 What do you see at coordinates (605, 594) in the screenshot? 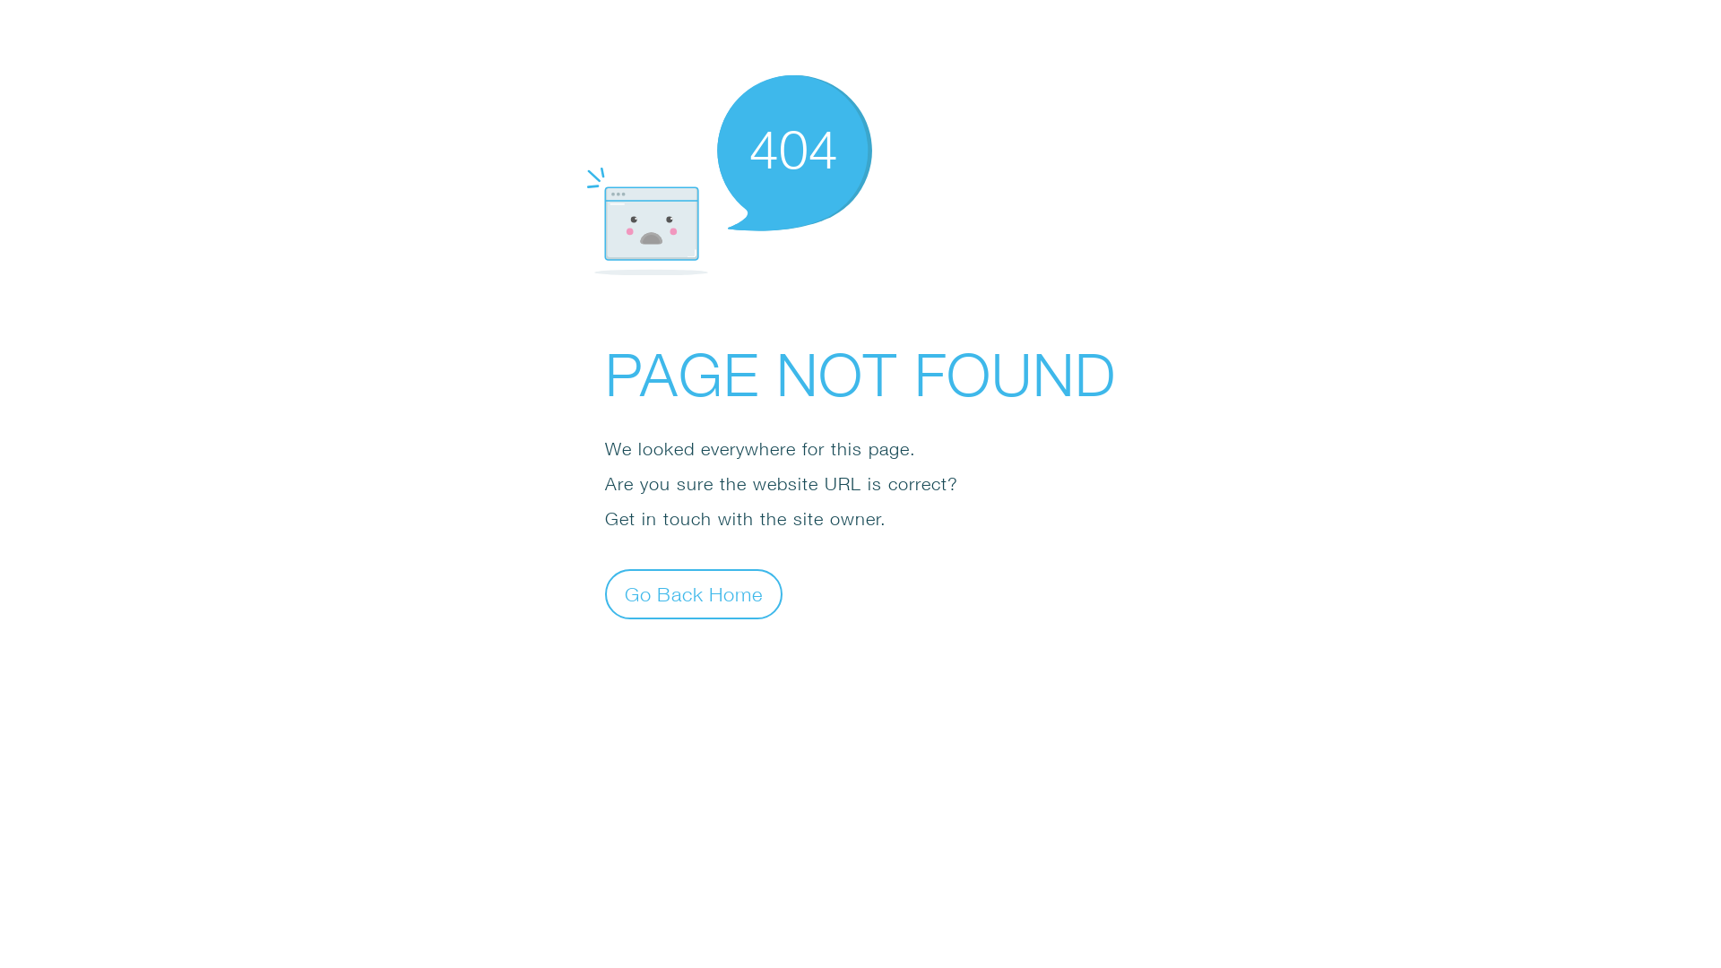
I see `'Go Back Home'` at bounding box center [605, 594].